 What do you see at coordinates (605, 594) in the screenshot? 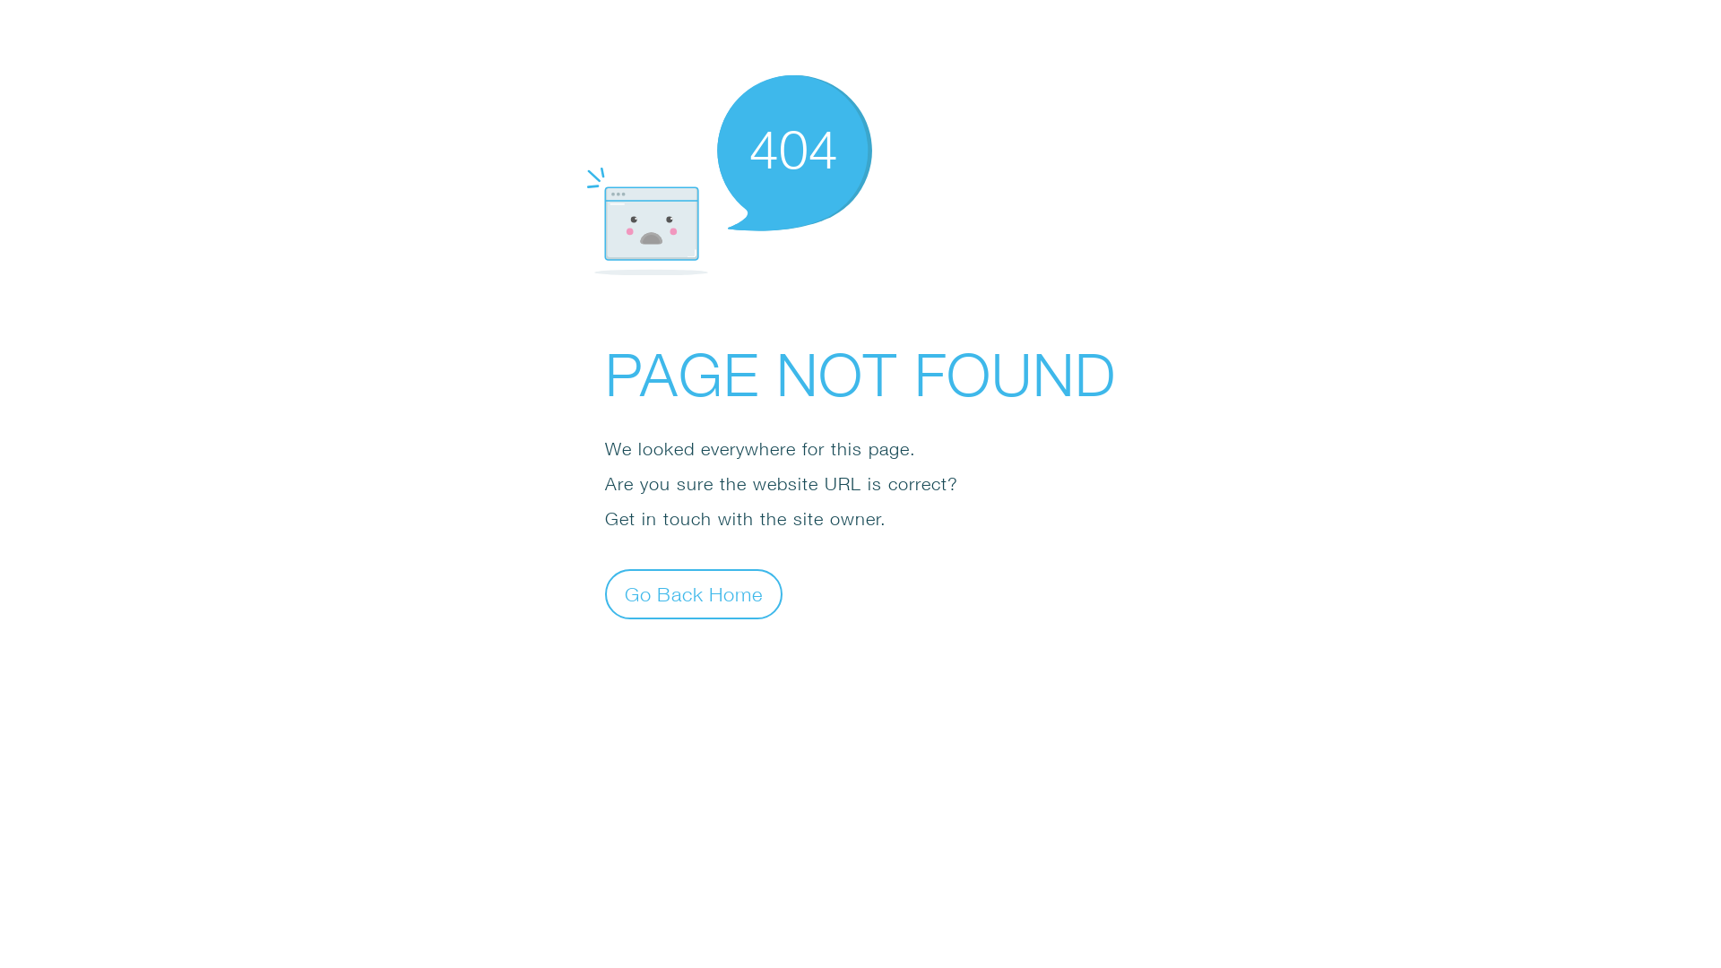
I see `'Go Back Home'` at bounding box center [605, 594].